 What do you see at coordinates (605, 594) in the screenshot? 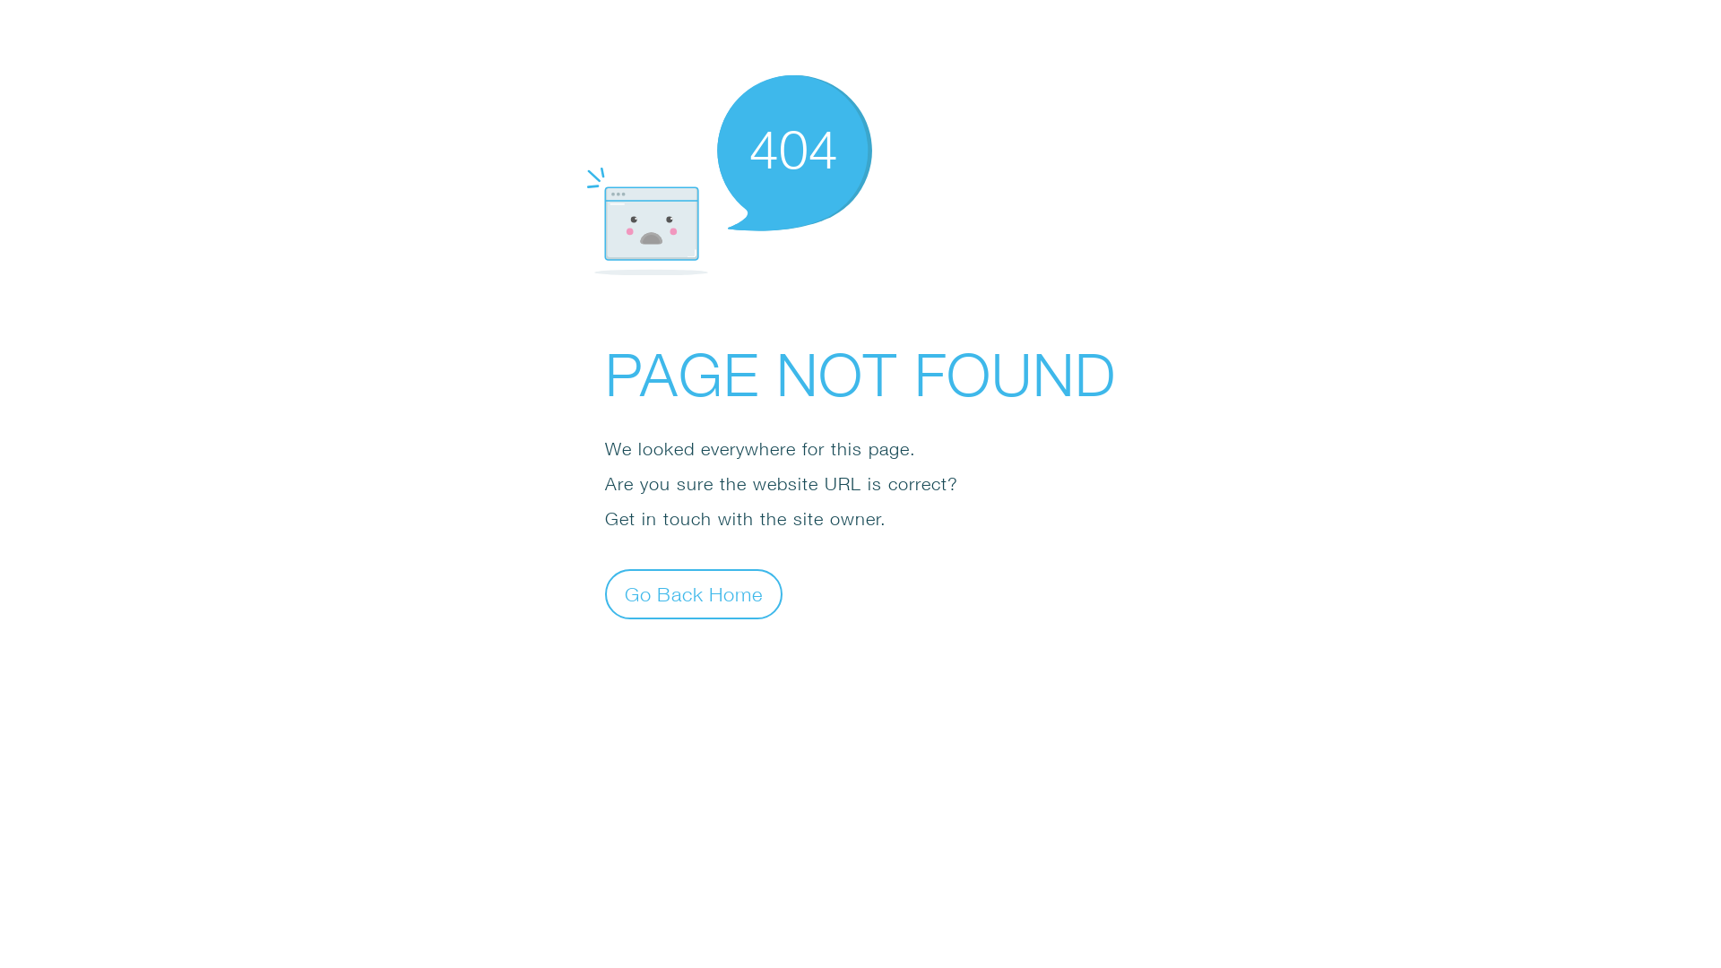
I see `'Go Back Home'` at bounding box center [605, 594].